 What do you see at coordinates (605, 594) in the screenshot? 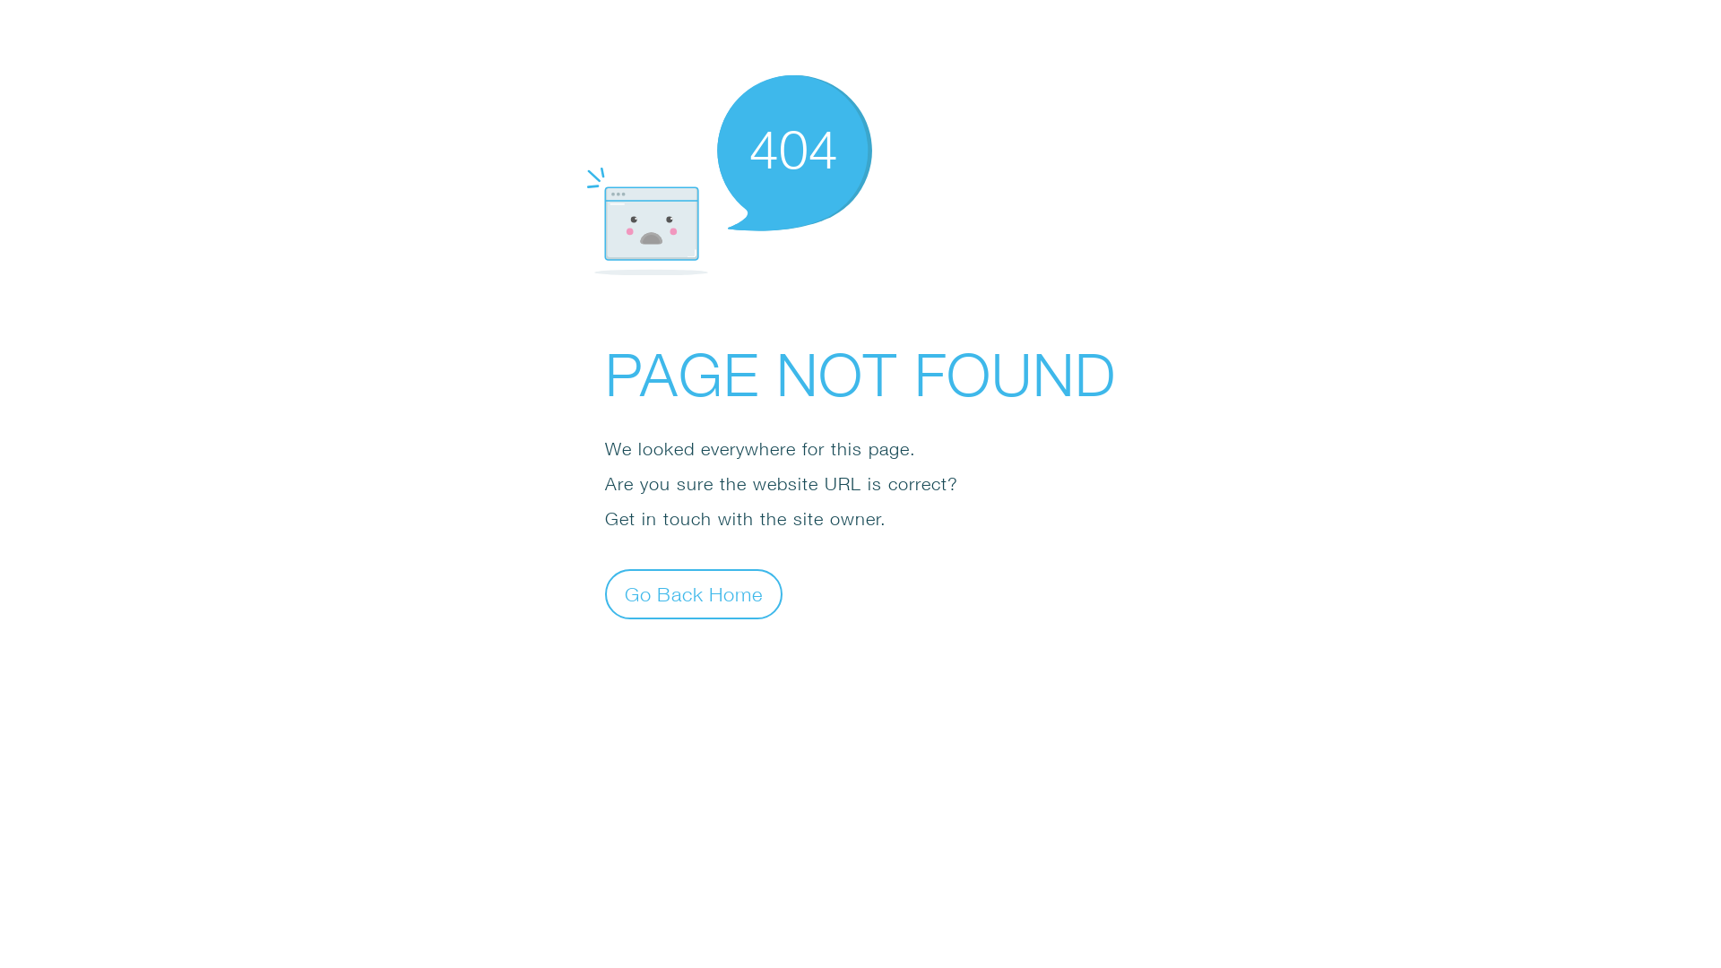
I see `'Go Back Home'` at bounding box center [605, 594].